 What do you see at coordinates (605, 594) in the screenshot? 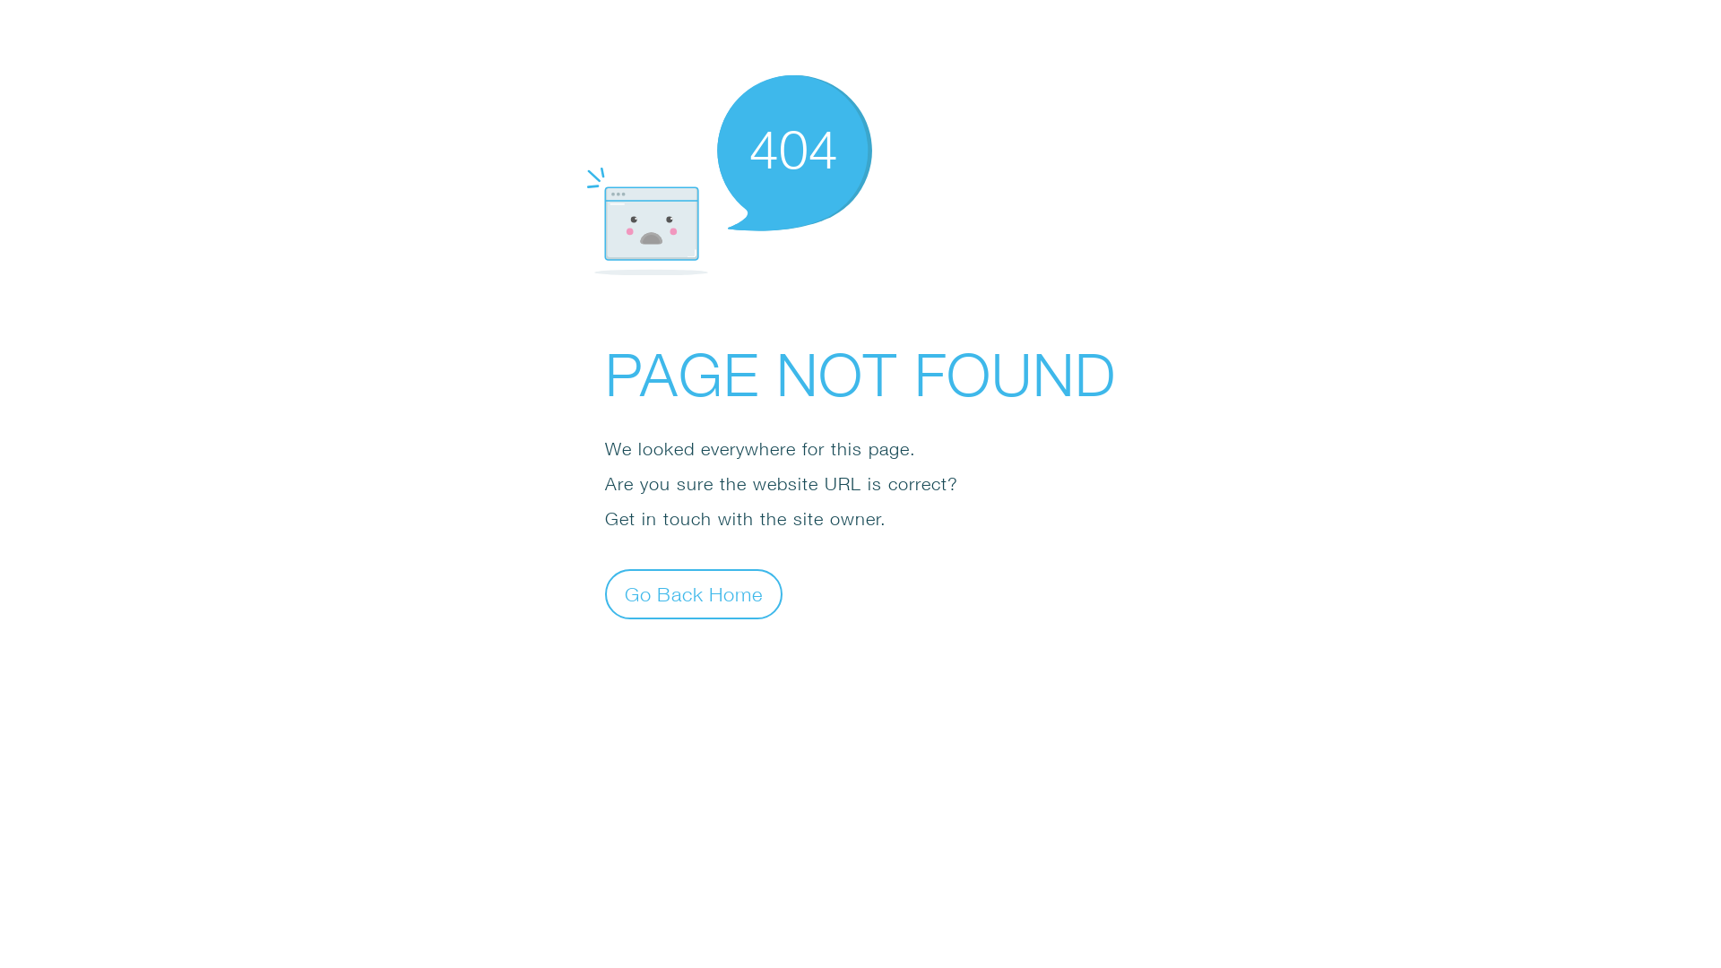
I see `'Go Back Home'` at bounding box center [605, 594].